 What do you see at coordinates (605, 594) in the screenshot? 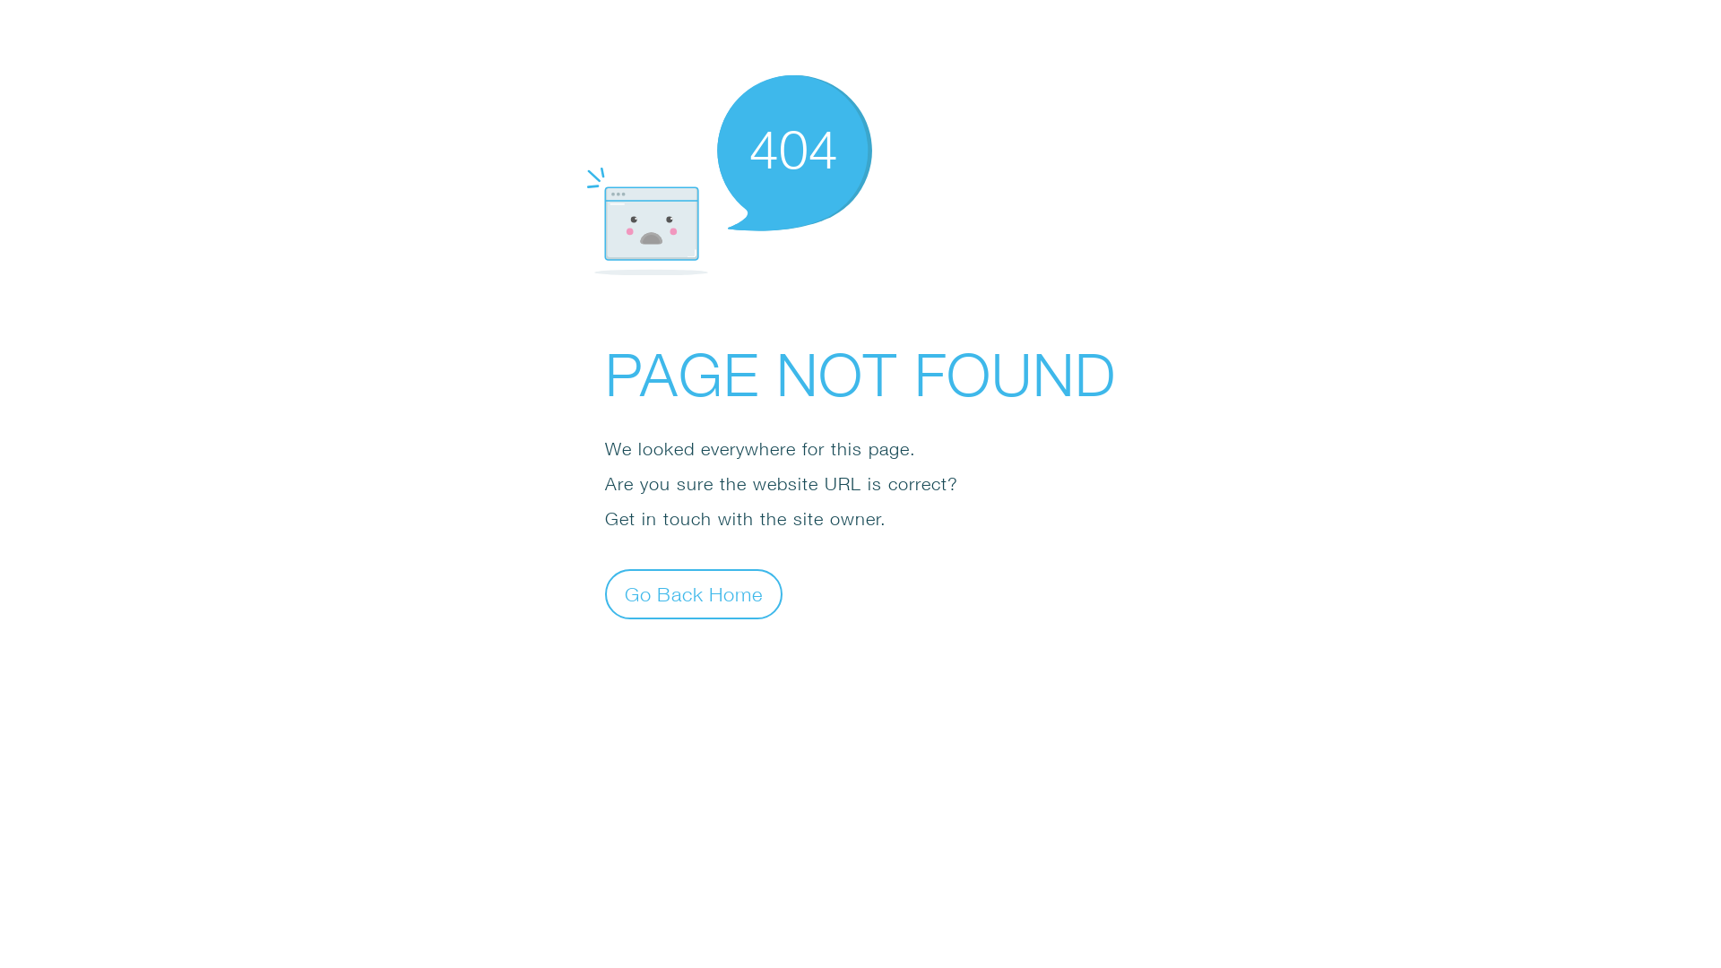
I see `'Go Back Home'` at bounding box center [605, 594].